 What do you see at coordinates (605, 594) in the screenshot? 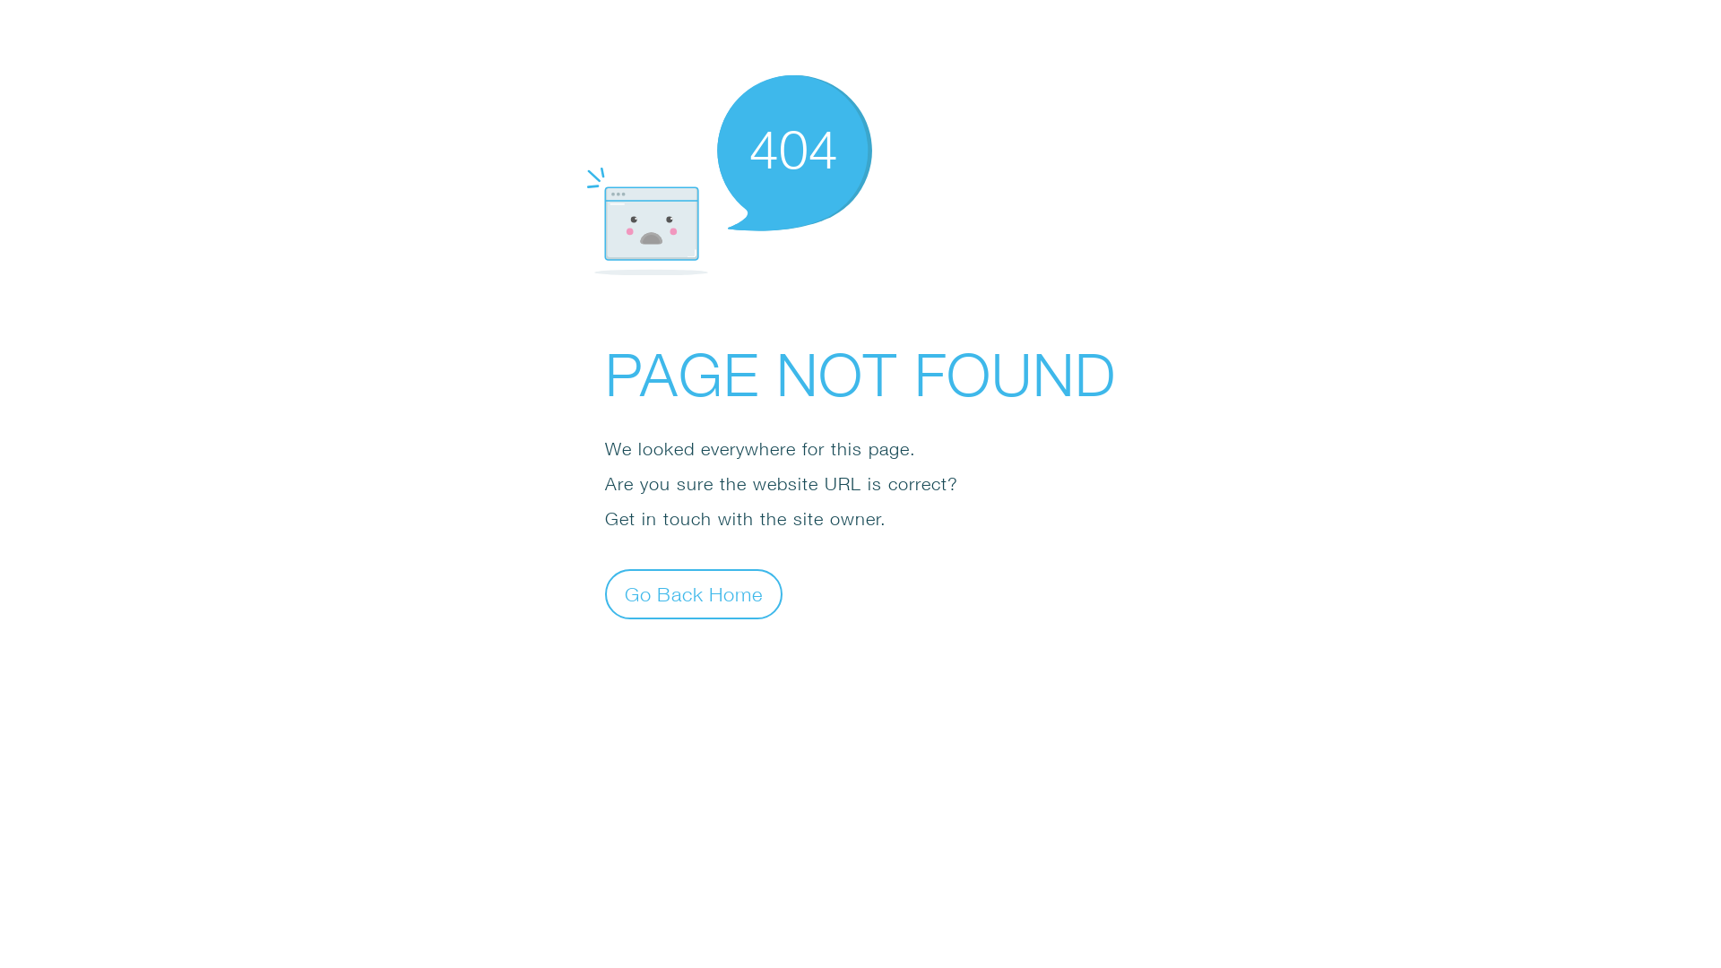
I see `'Go Back Home'` at bounding box center [605, 594].